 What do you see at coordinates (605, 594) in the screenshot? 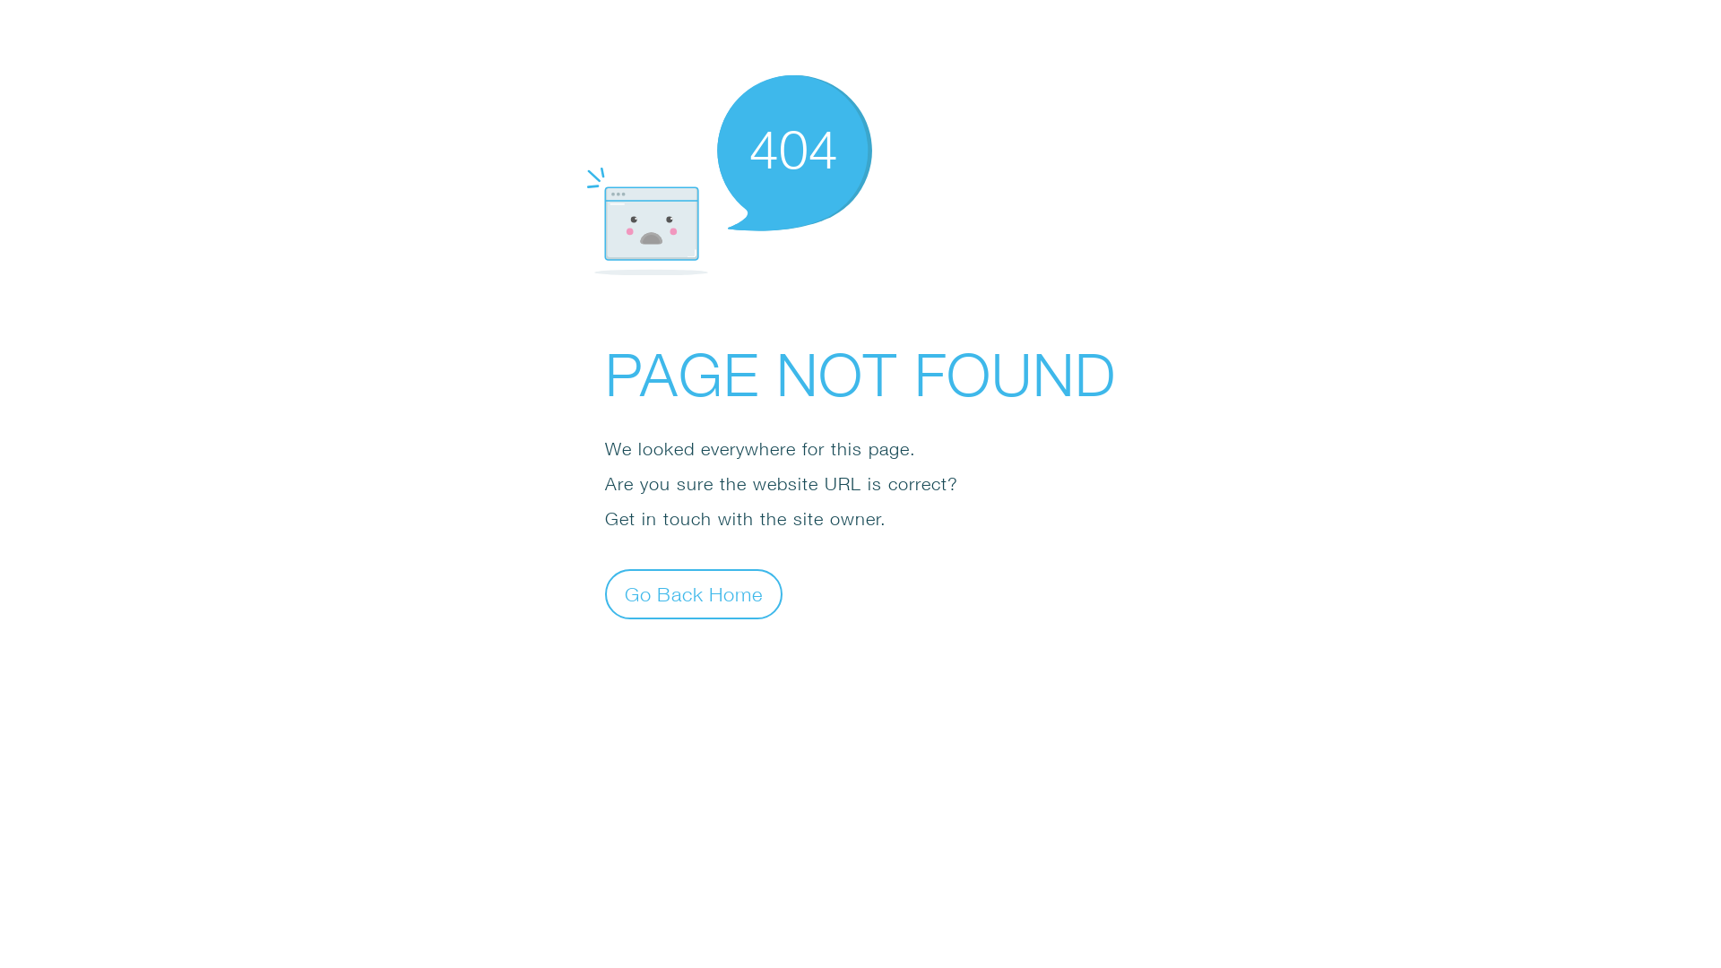
I see `'Go Back Home'` at bounding box center [605, 594].